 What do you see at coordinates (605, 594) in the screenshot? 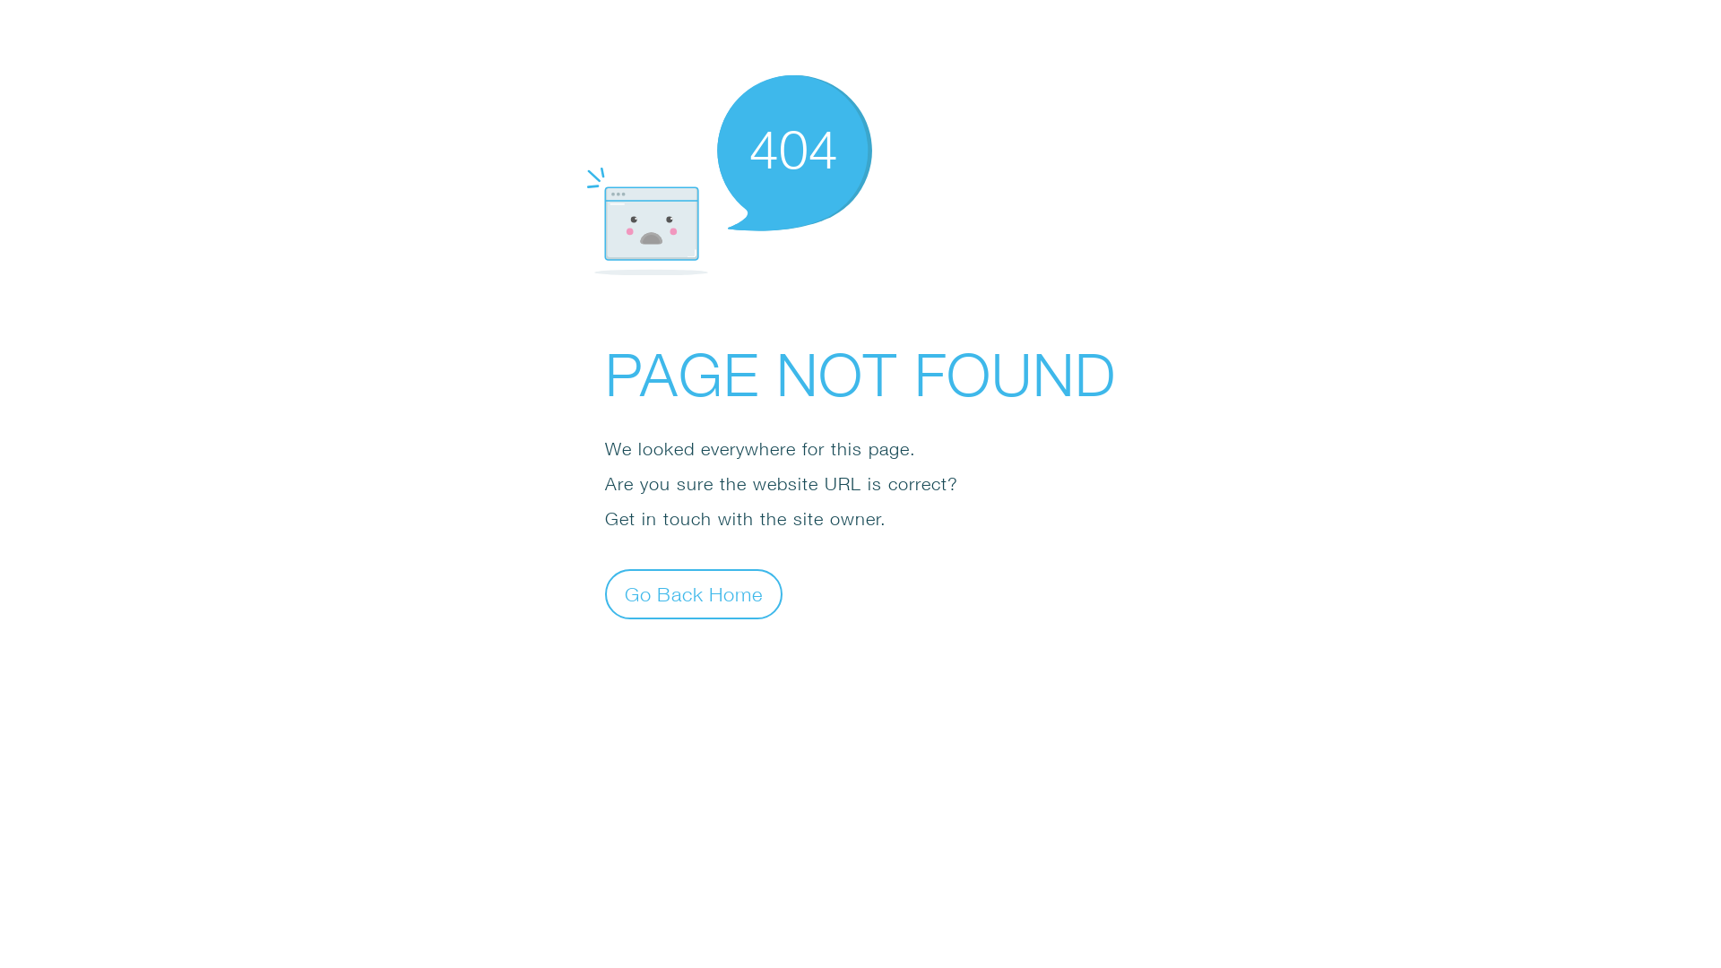
I see `'Go Back Home'` at bounding box center [605, 594].